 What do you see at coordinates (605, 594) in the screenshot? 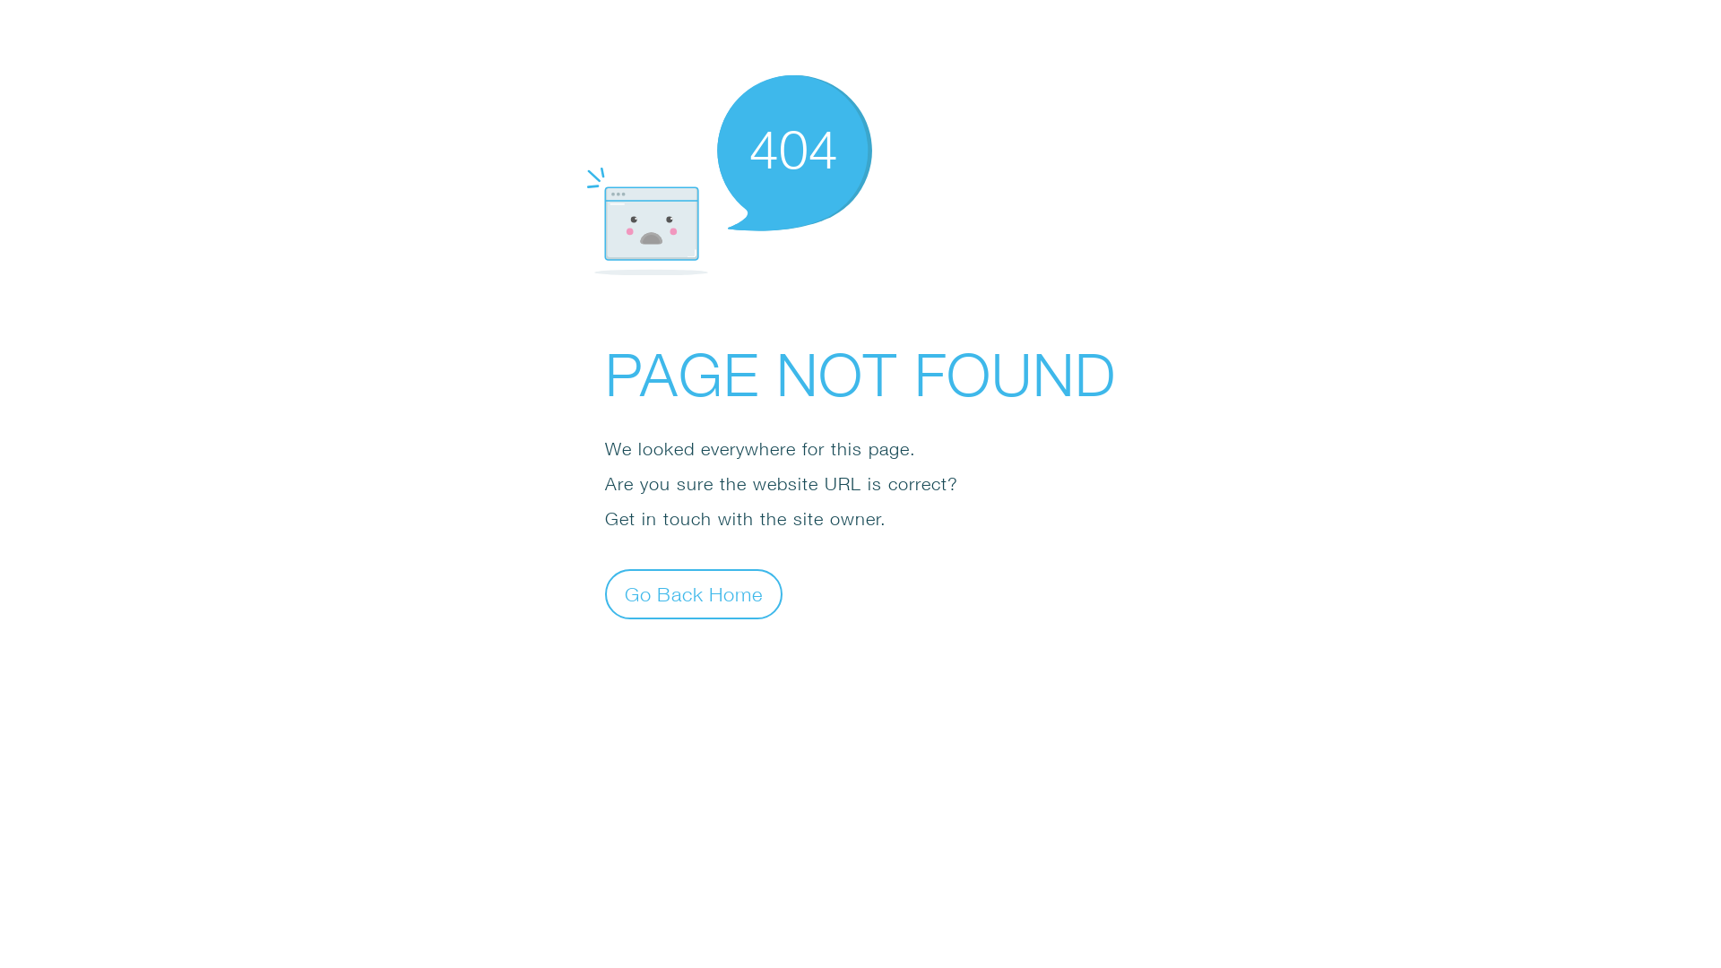
I see `'Go Back Home'` at bounding box center [605, 594].